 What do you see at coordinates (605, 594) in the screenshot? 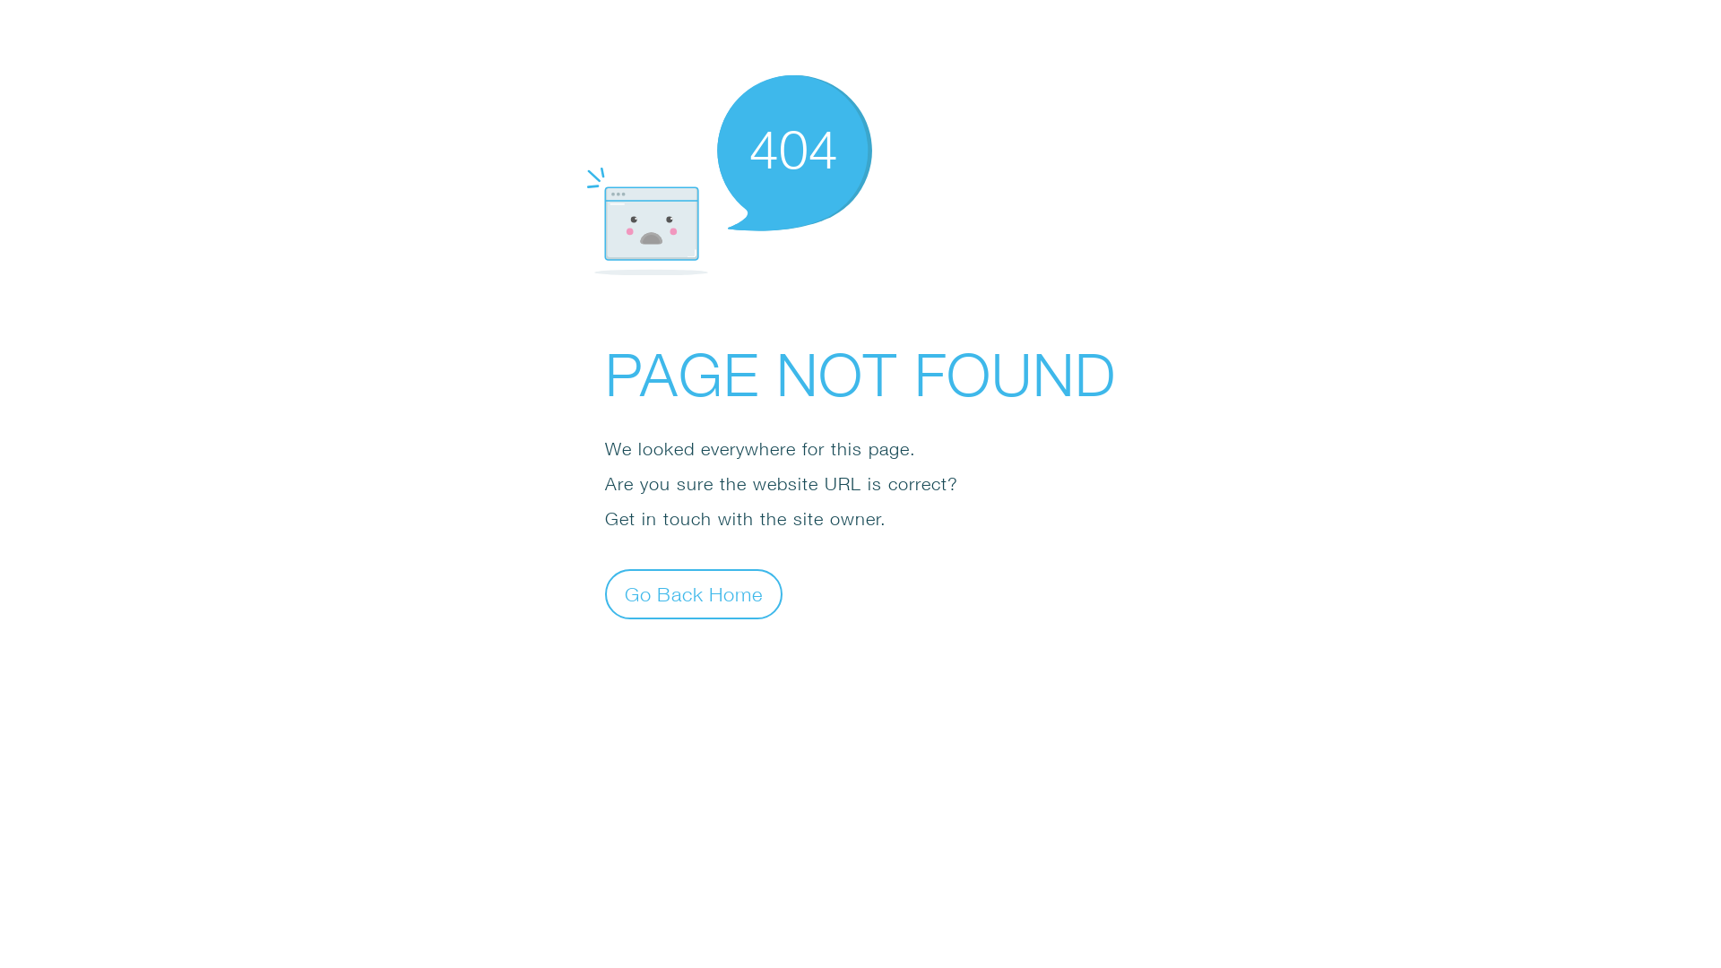
I see `'Go Back Home'` at bounding box center [605, 594].